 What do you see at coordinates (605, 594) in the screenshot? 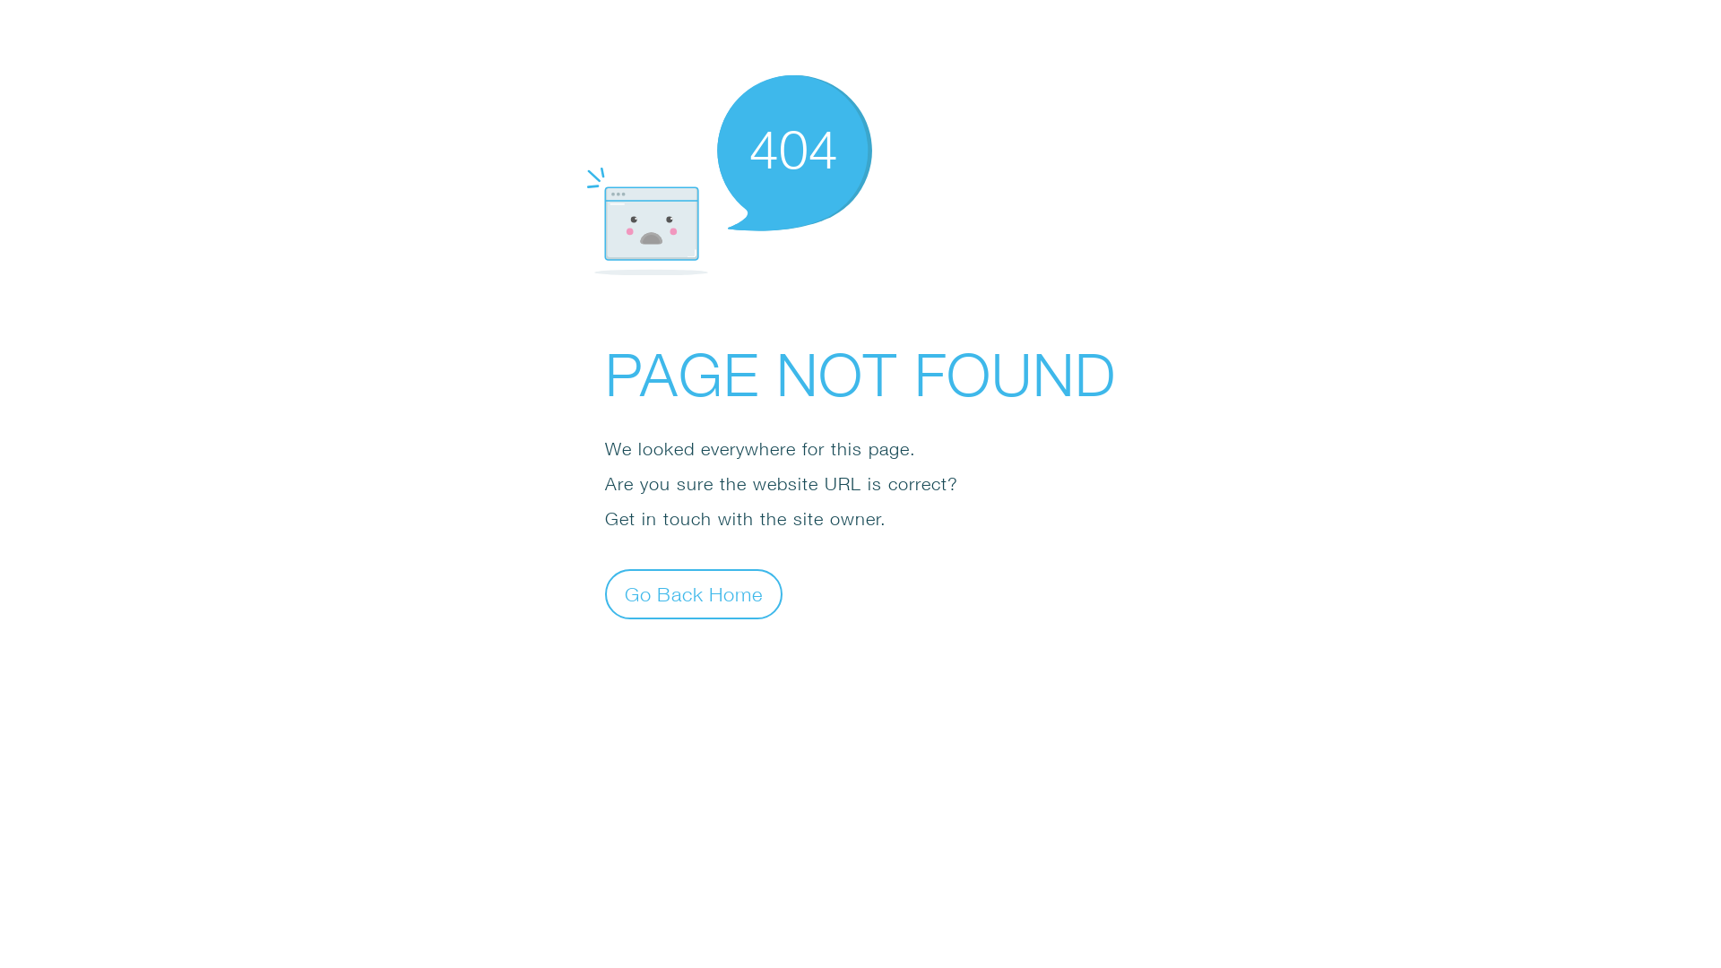
I see `'Go Back Home'` at bounding box center [605, 594].